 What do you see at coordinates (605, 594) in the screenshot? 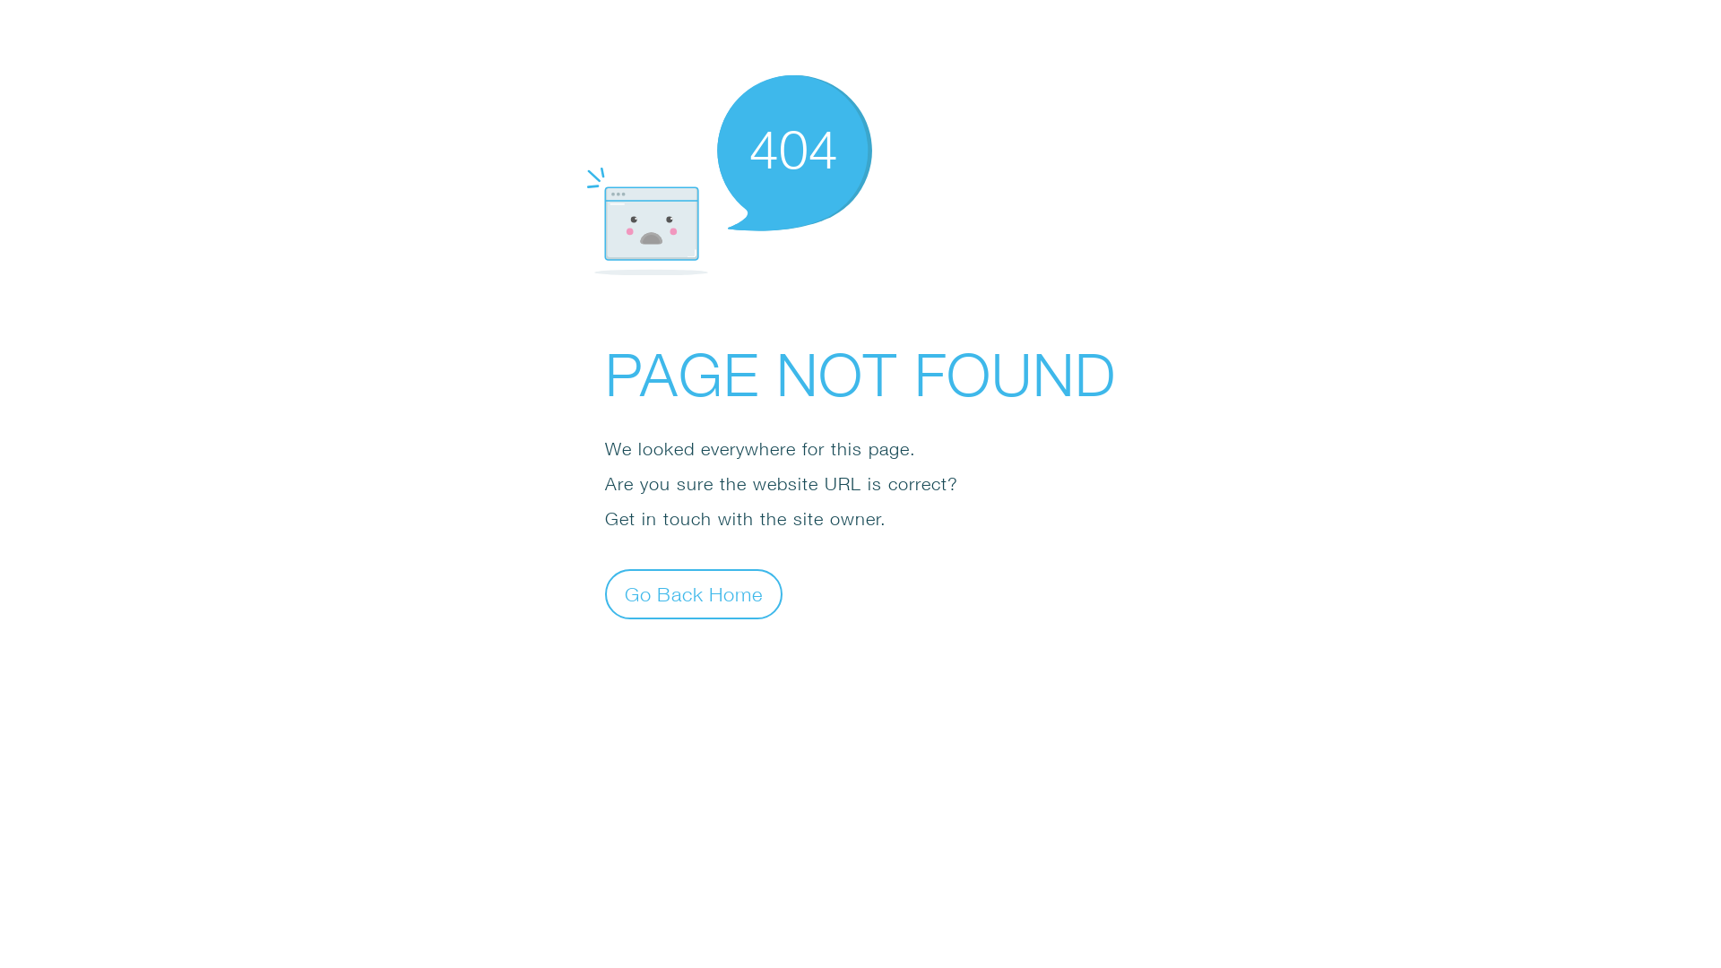
I see `'Go Back Home'` at bounding box center [605, 594].